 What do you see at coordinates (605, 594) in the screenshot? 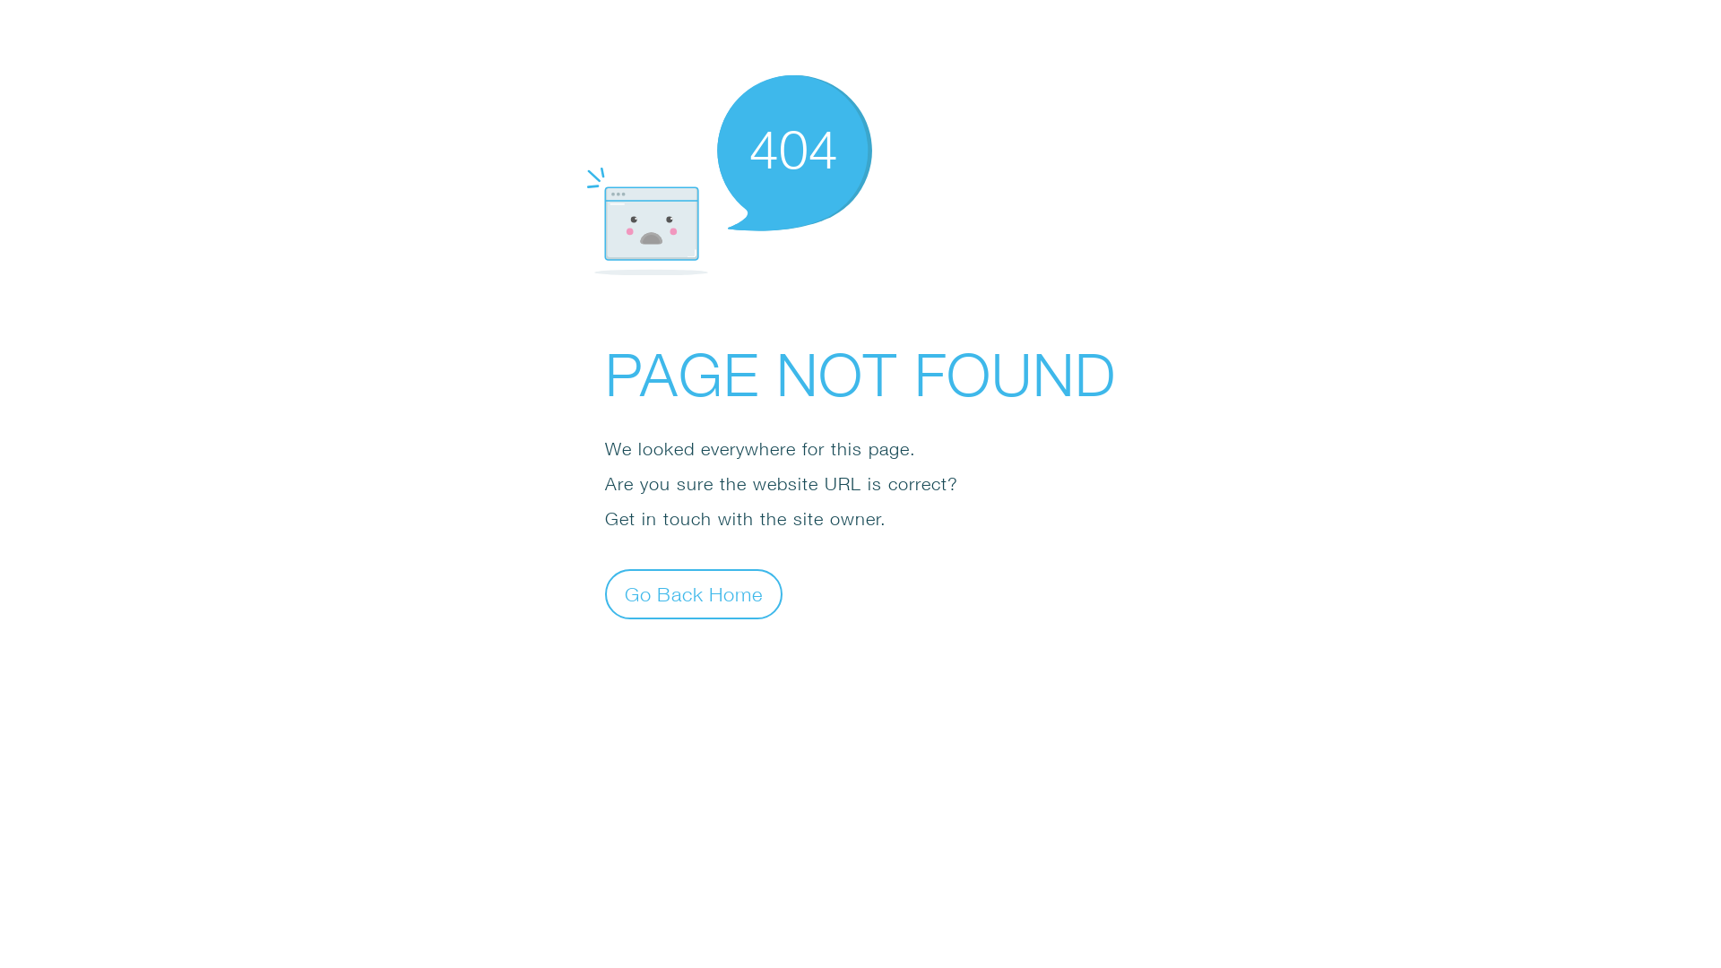
I see `'Go Back Home'` at bounding box center [605, 594].